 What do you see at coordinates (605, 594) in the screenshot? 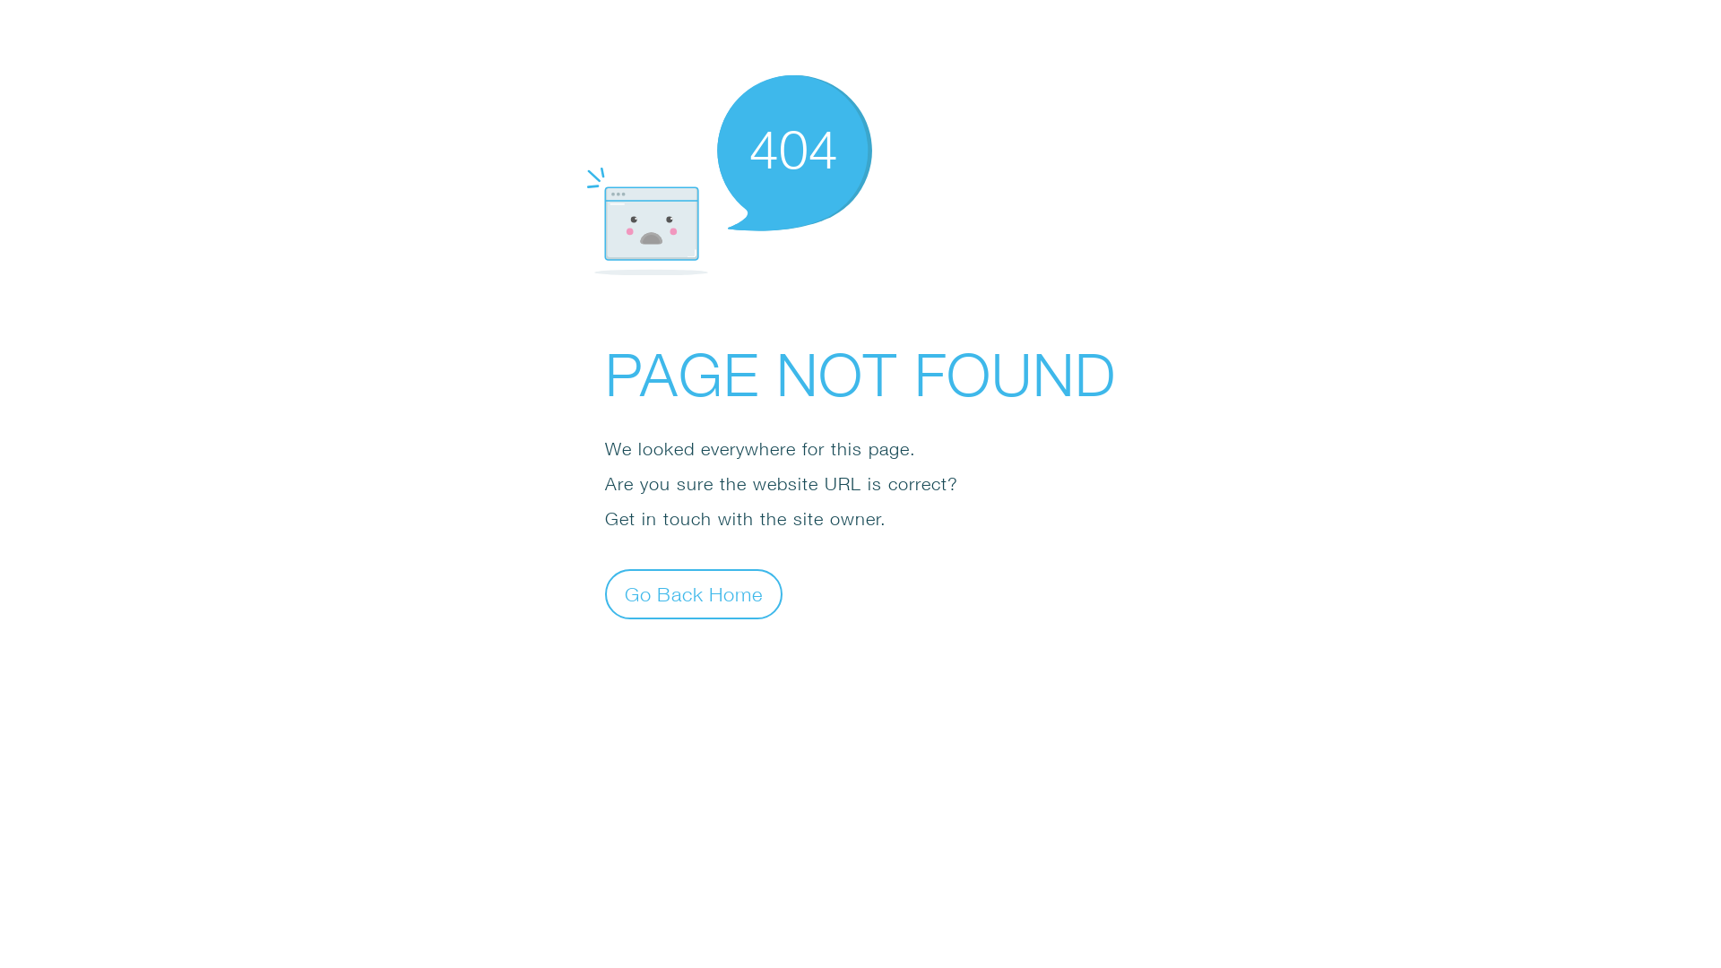
I see `'Go Back Home'` at bounding box center [605, 594].